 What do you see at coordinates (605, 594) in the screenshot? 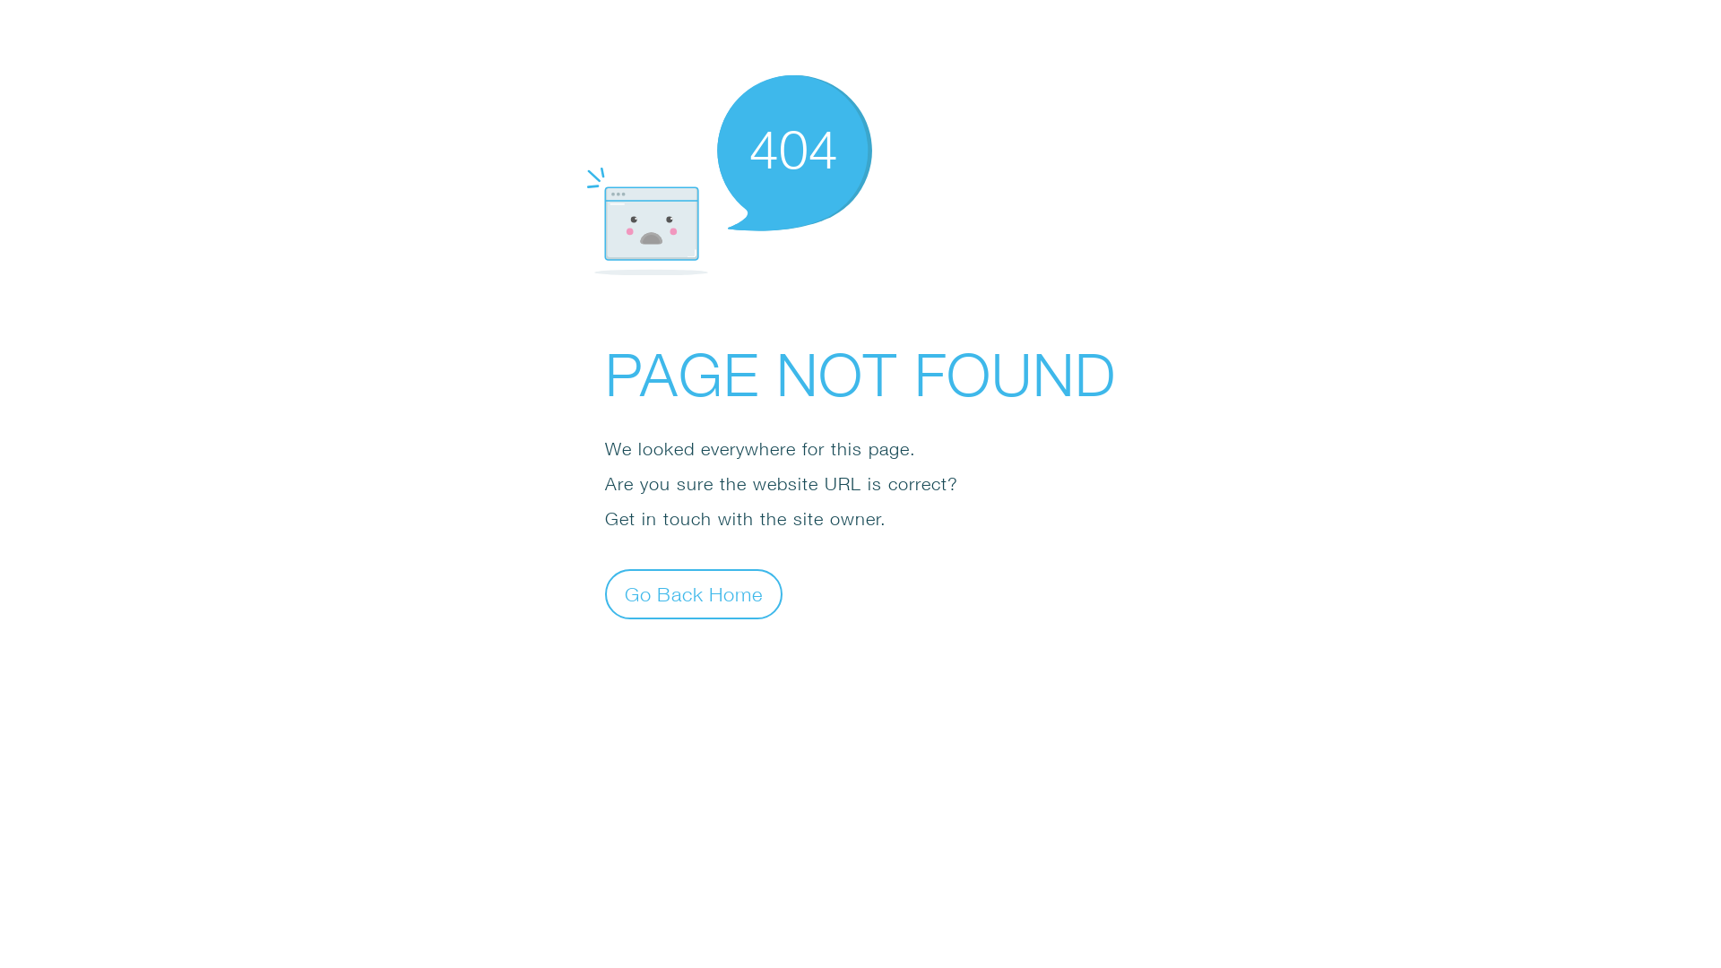
I see `'Go Back Home'` at bounding box center [605, 594].